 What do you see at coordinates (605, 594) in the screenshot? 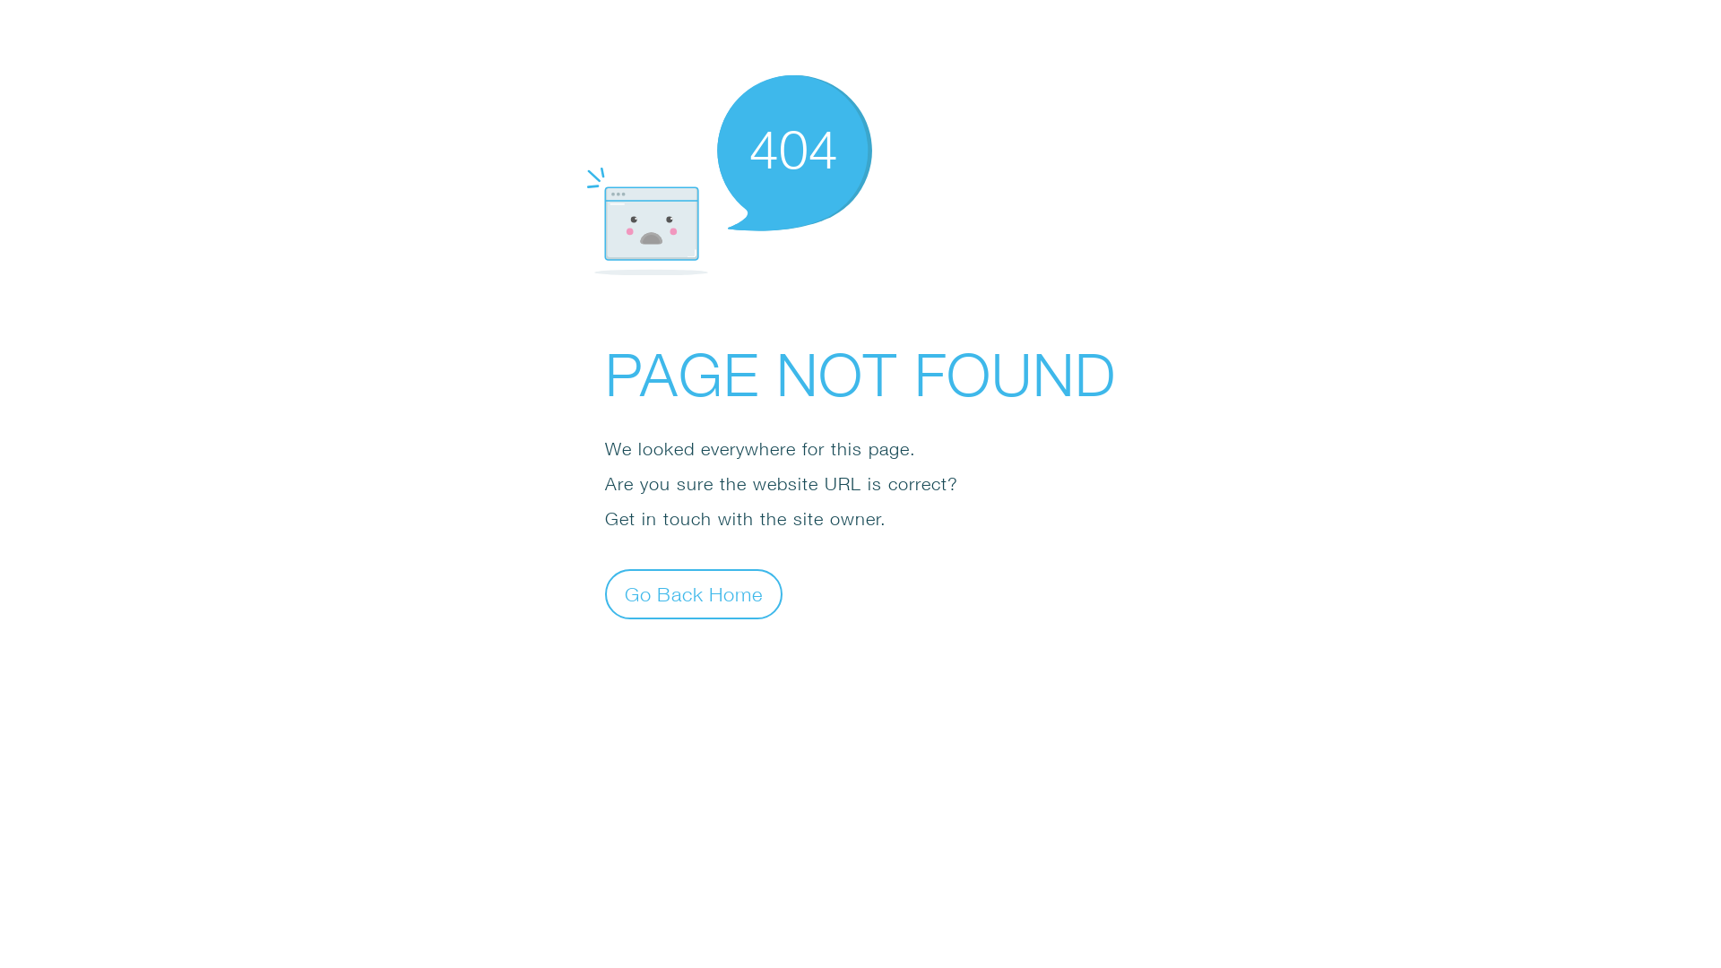
I see `'Go Back Home'` at bounding box center [605, 594].